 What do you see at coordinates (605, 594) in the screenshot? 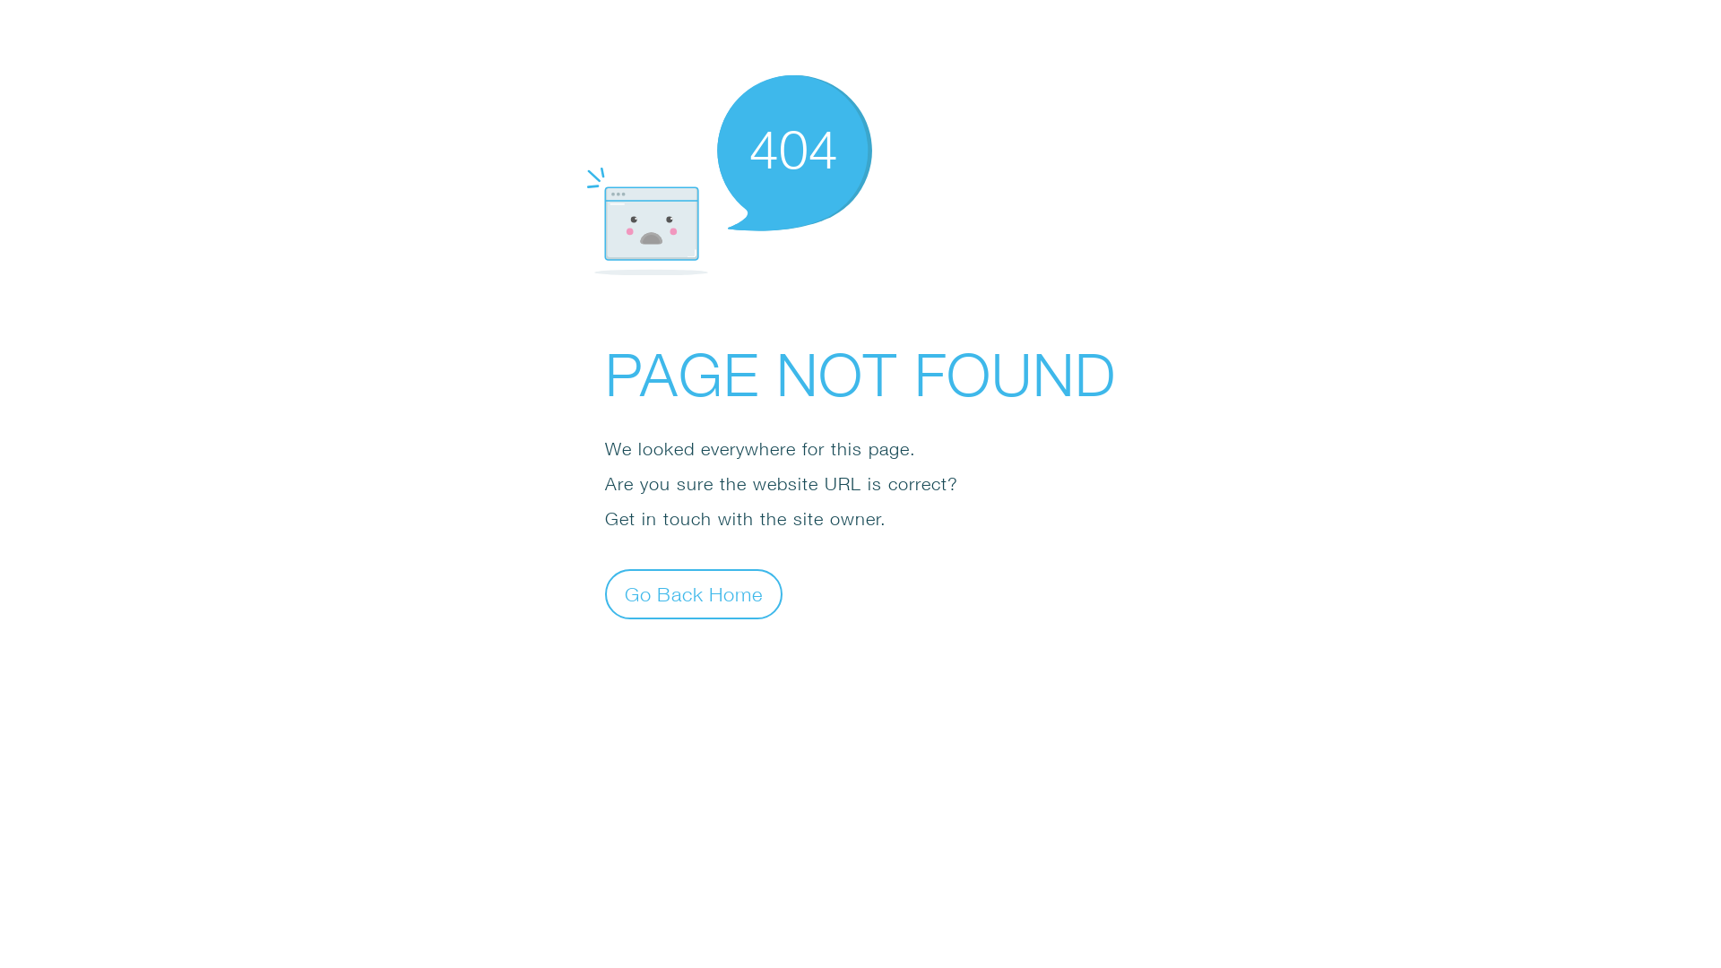
I see `'Go Back Home'` at bounding box center [605, 594].